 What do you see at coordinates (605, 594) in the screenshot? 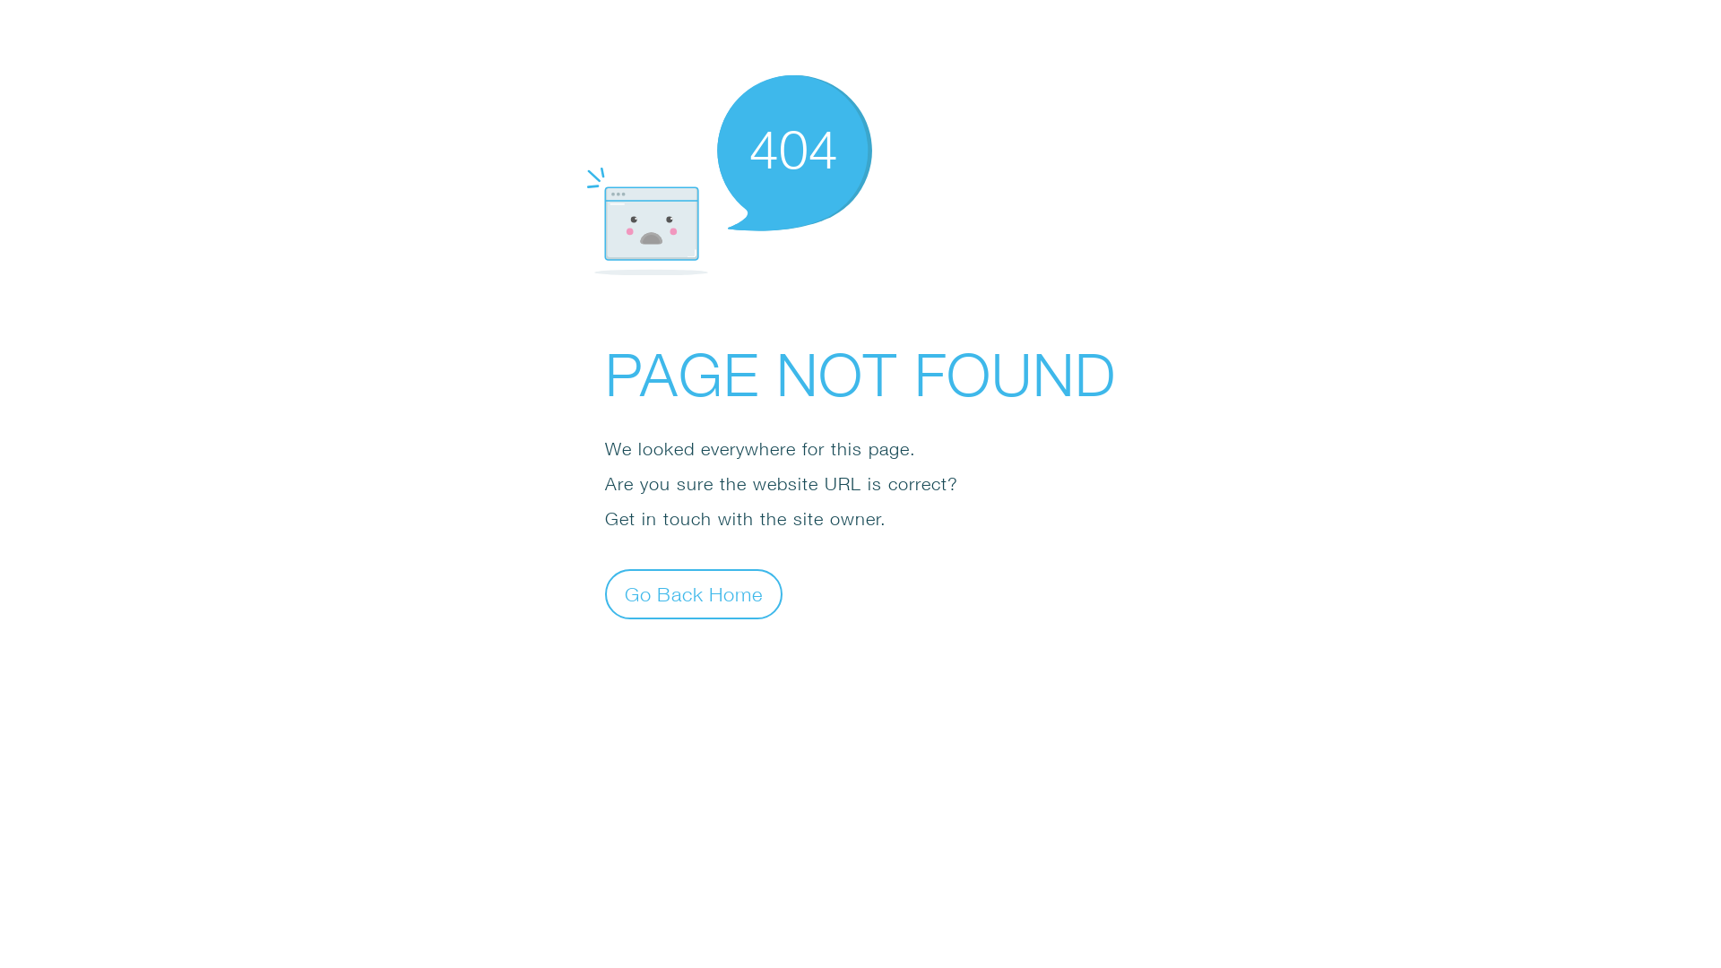
I see `'Go Back Home'` at bounding box center [605, 594].